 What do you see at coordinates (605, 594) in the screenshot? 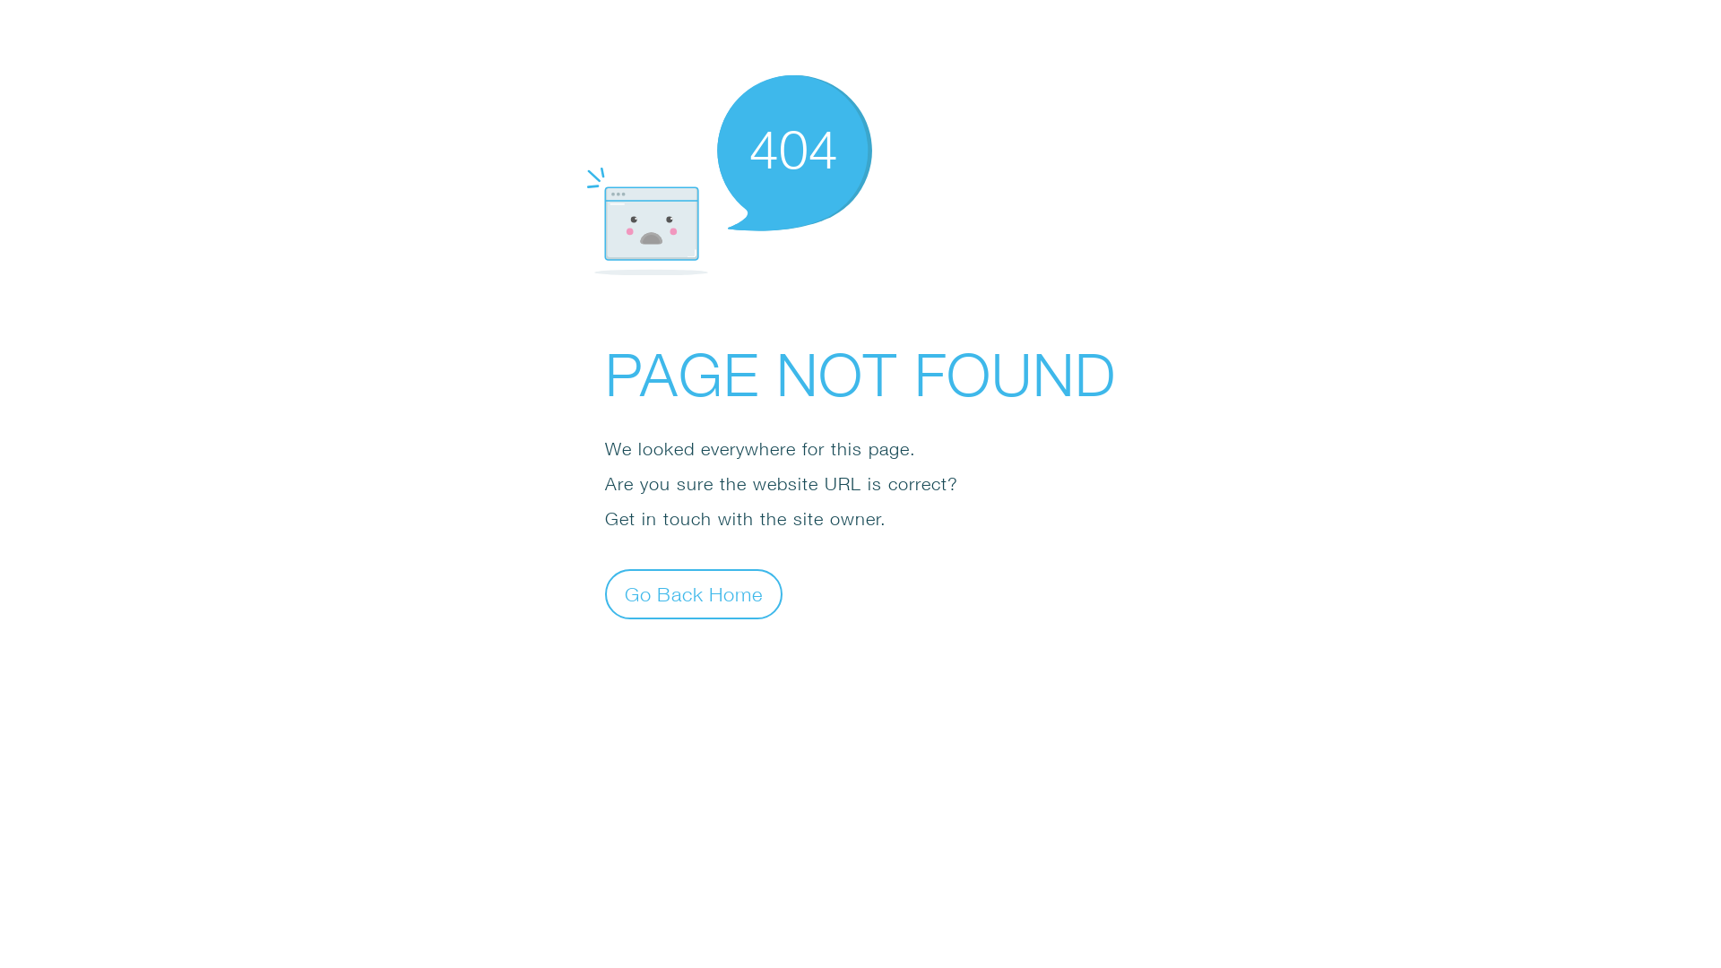
I see `'Go Back Home'` at bounding box center [605, 594].